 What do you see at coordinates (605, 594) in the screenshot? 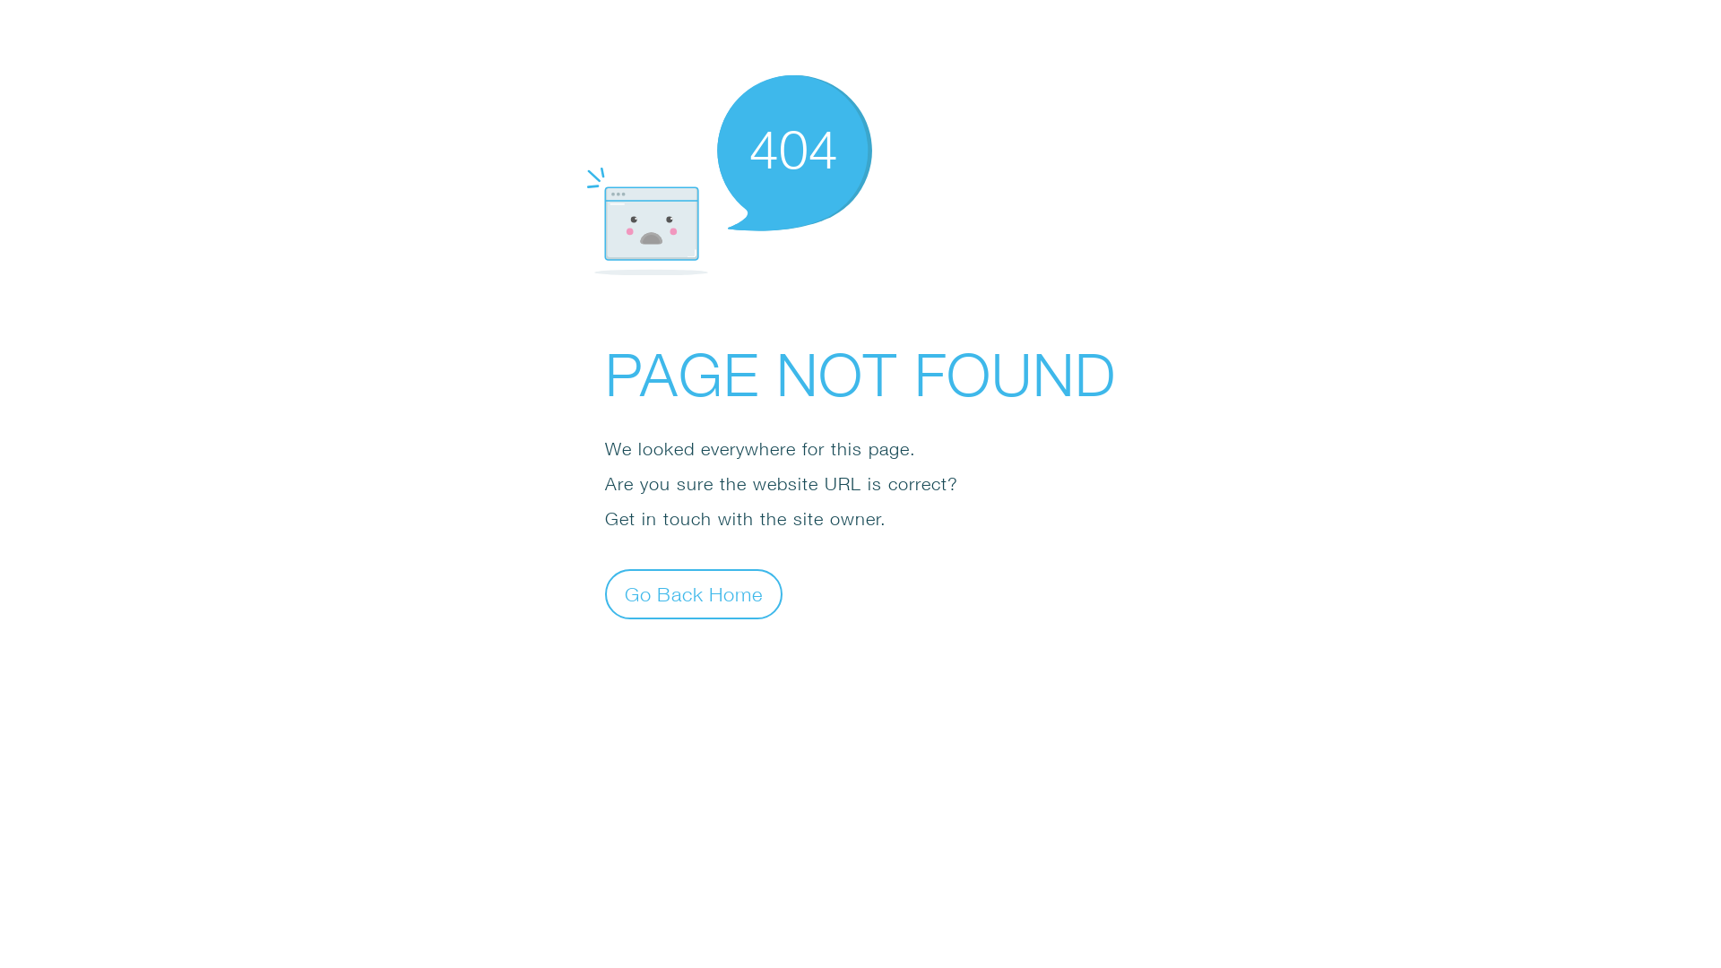
I see `'Go Back Home'` at bounding box center [605, 594].